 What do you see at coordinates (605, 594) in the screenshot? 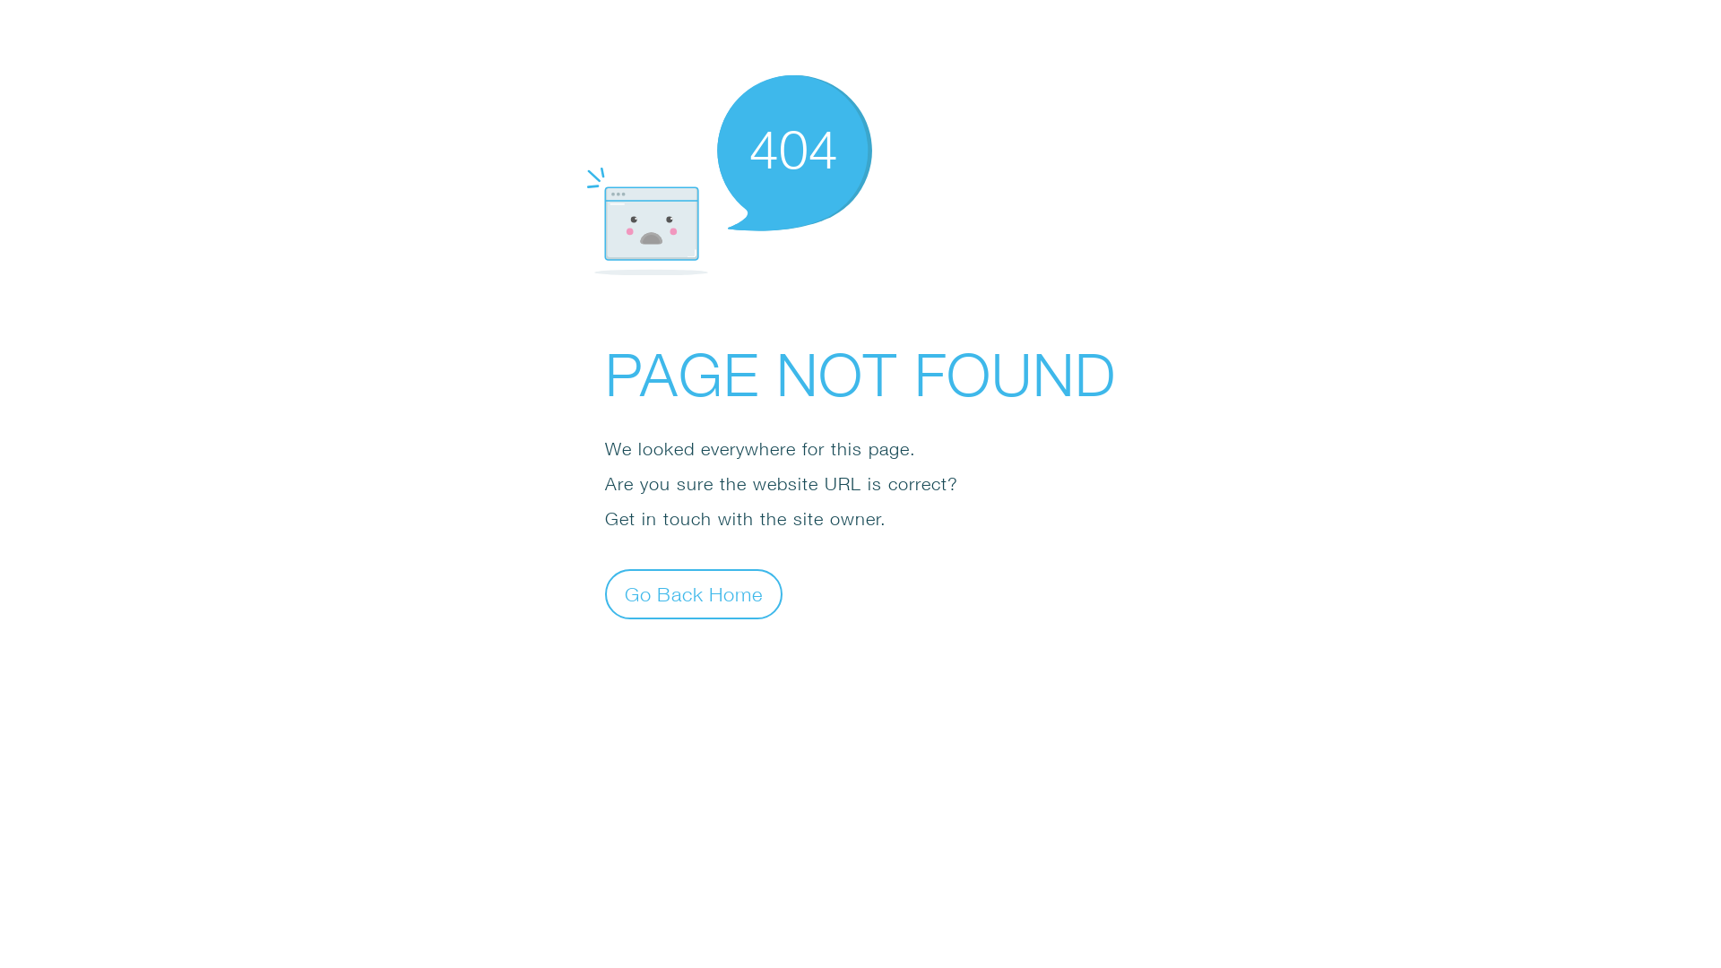
I see `'Go Back Home'` at bounding box center [605, 594].